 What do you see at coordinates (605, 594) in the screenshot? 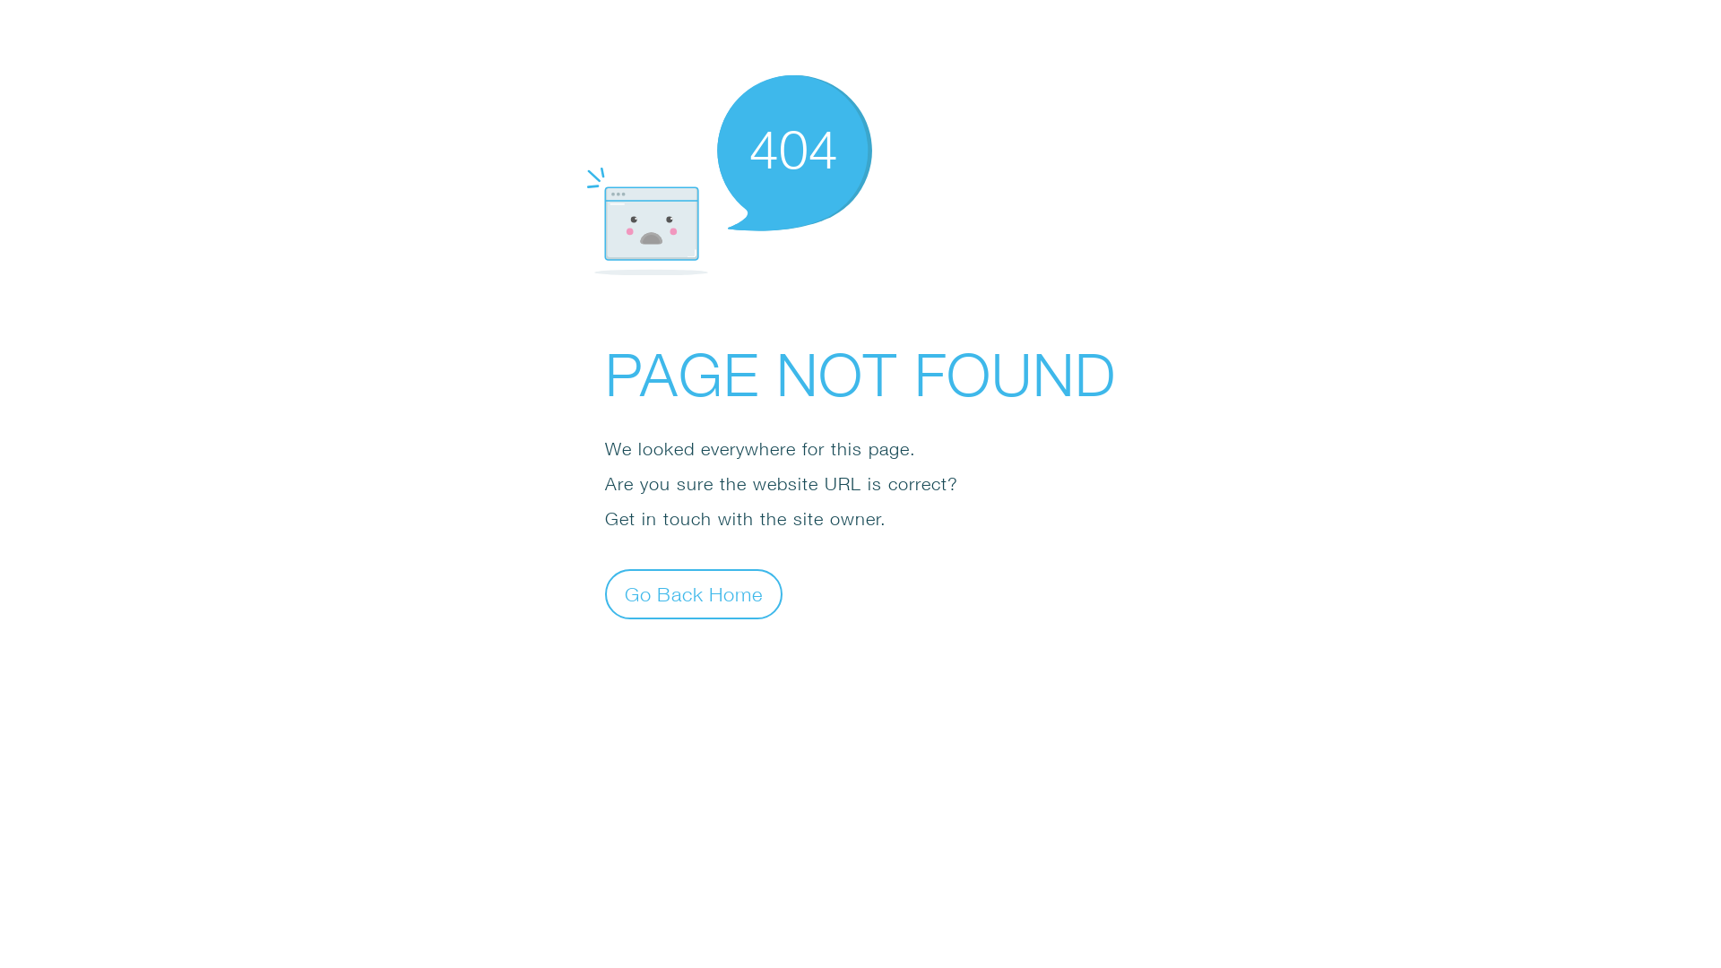
I see `'Go Back Home'` at bounding box center [605, 594].